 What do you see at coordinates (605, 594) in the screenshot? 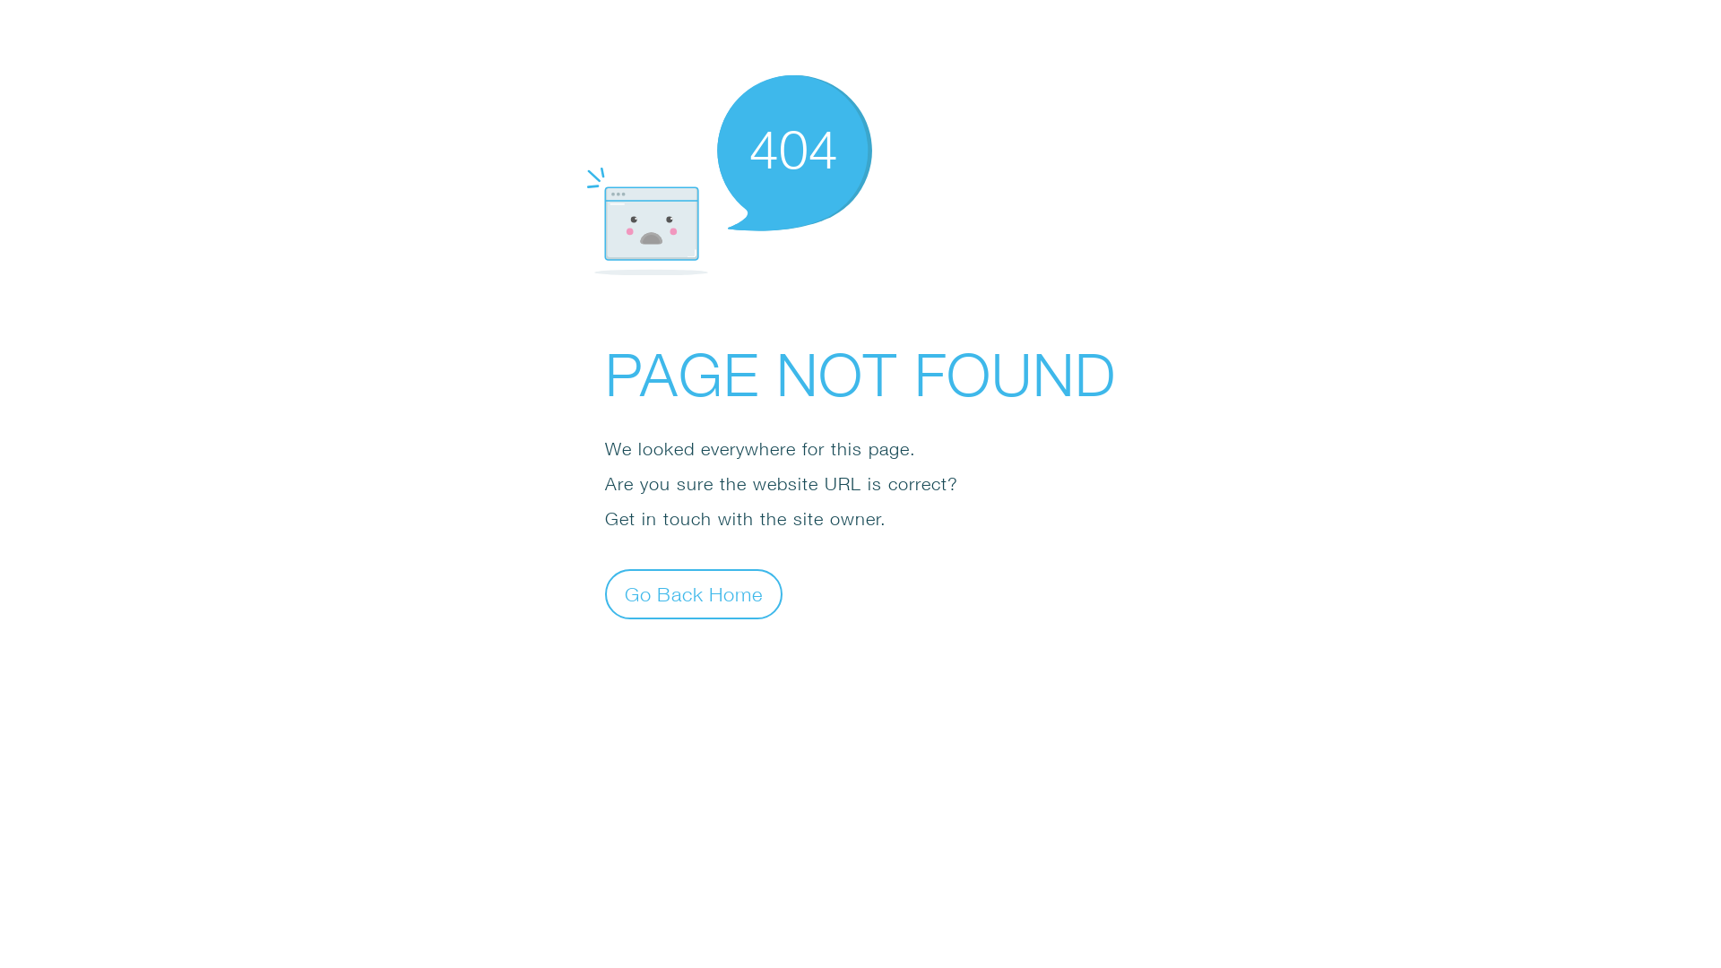
I see `'Go Back Home'` at bounding box center [605, 594].